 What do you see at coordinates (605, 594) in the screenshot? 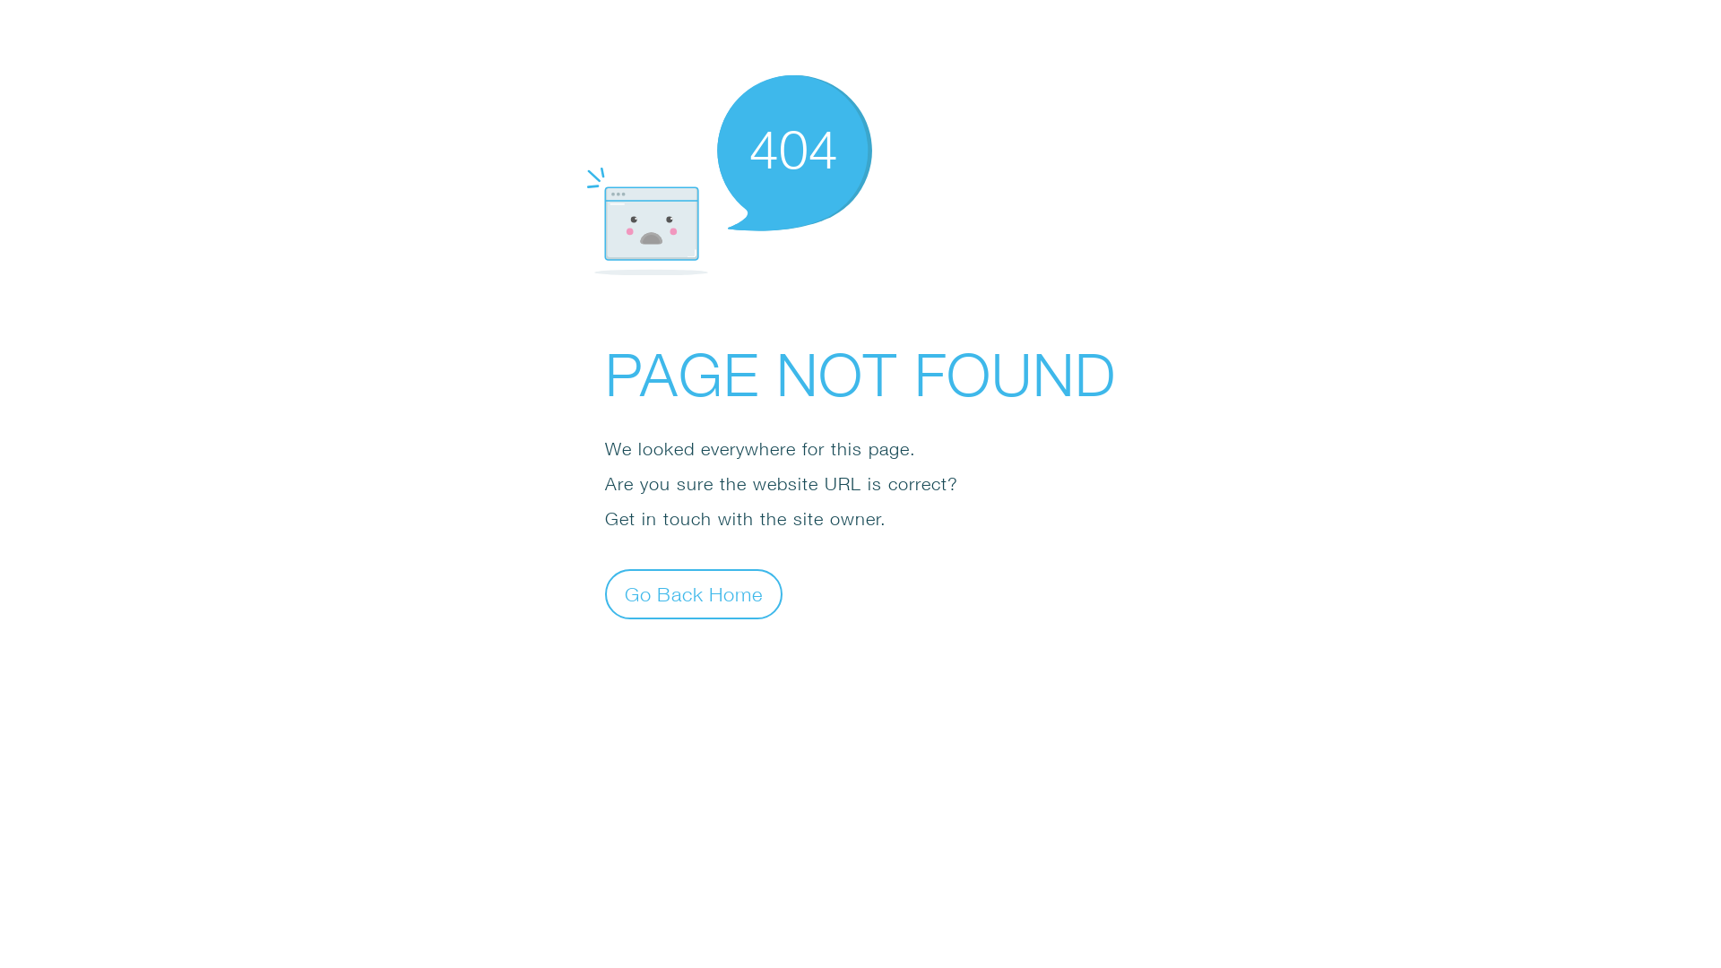
I see `'Go Back Home'` at bounding box center [605, 594].